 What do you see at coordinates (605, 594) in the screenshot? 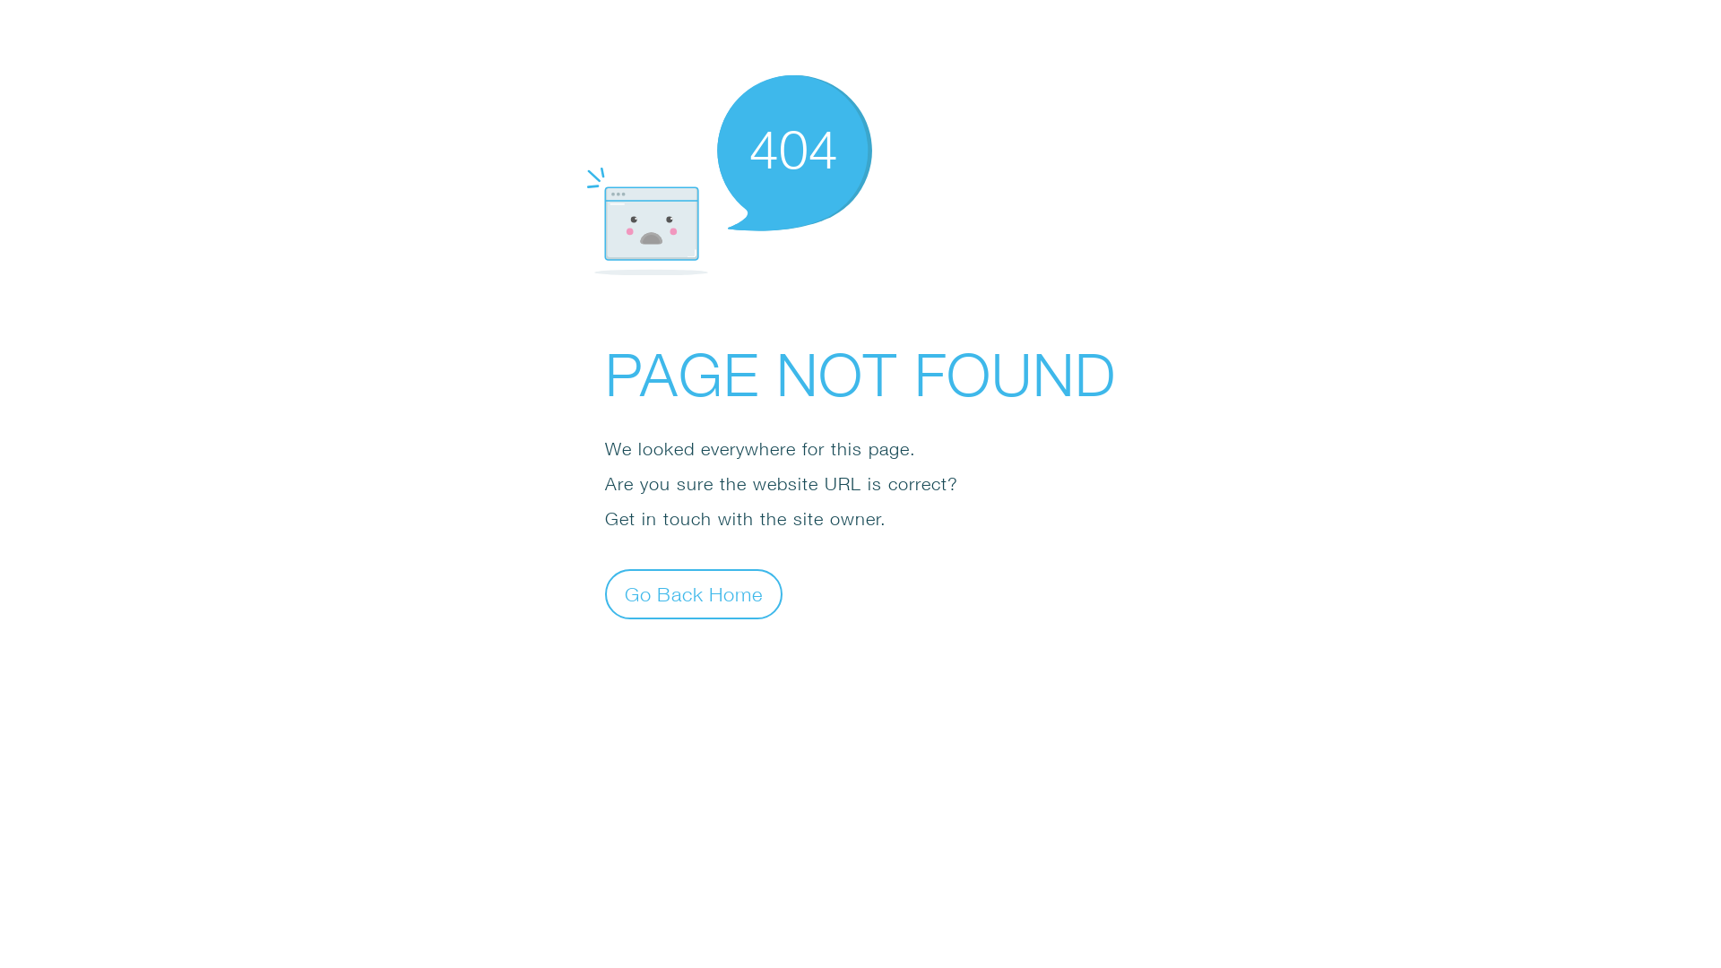
I see `'Go Back Home'` at bounding box center [605, 594].